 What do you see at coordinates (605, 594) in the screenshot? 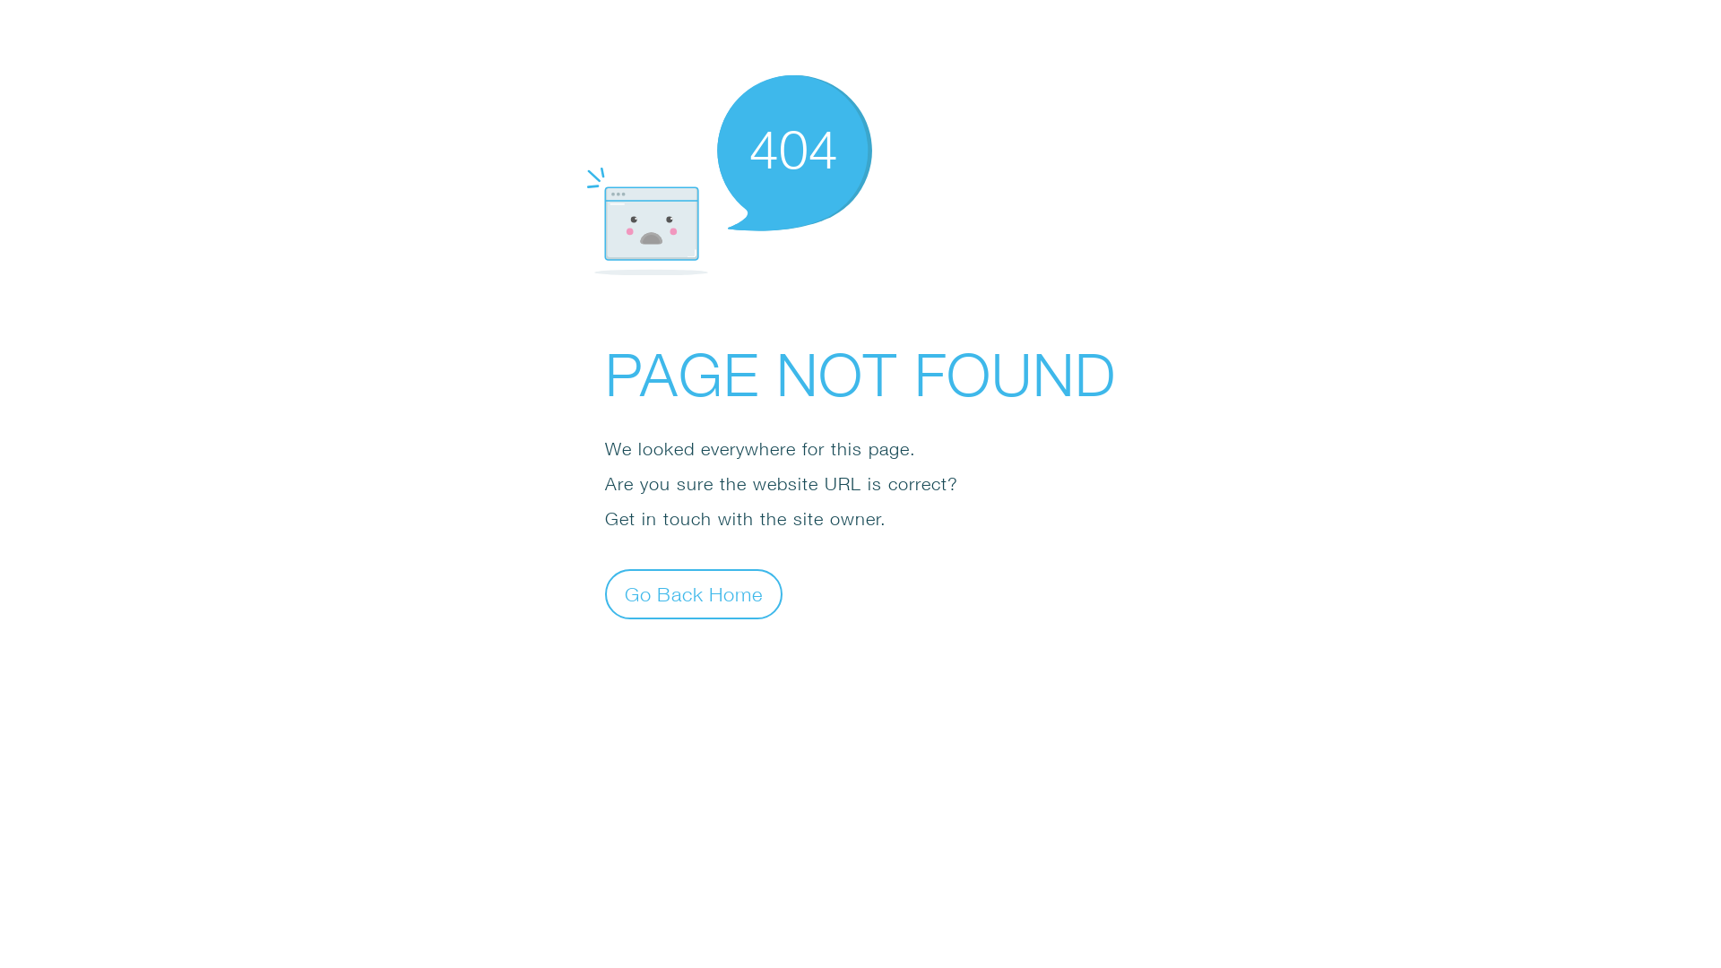
I see `'Go Back Home'` at bounding box center [605, 594].